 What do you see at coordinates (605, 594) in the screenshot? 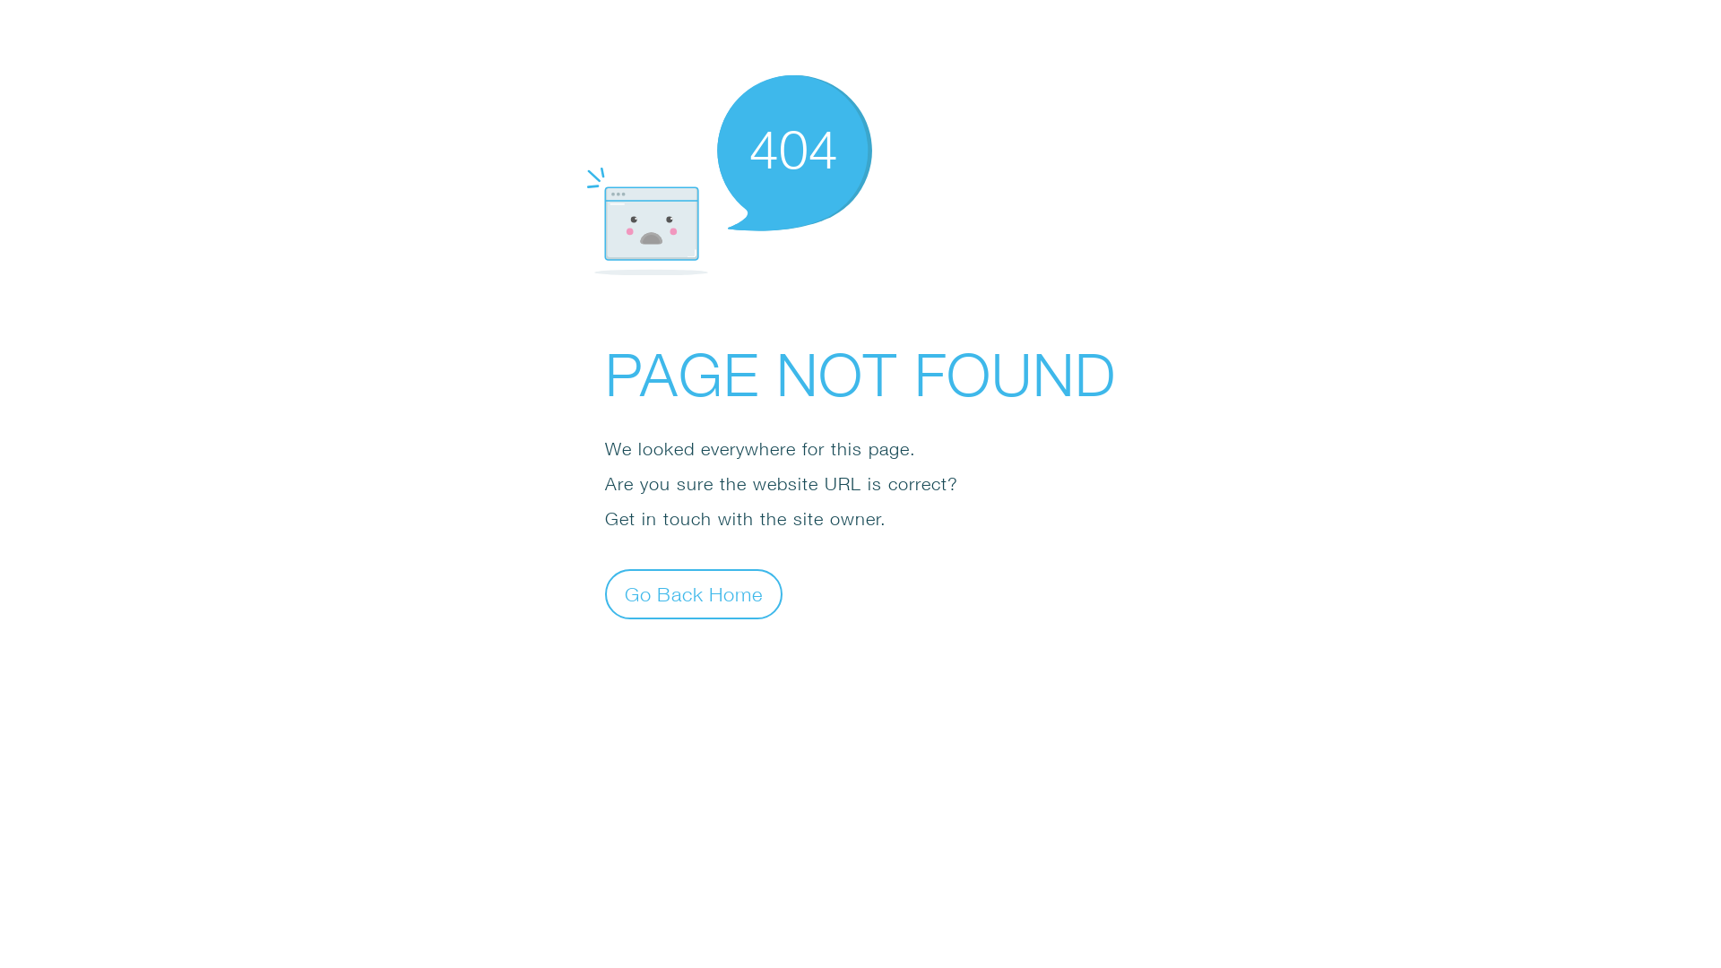
I see `'Go Back Home'` at bounding box center [605, 594].